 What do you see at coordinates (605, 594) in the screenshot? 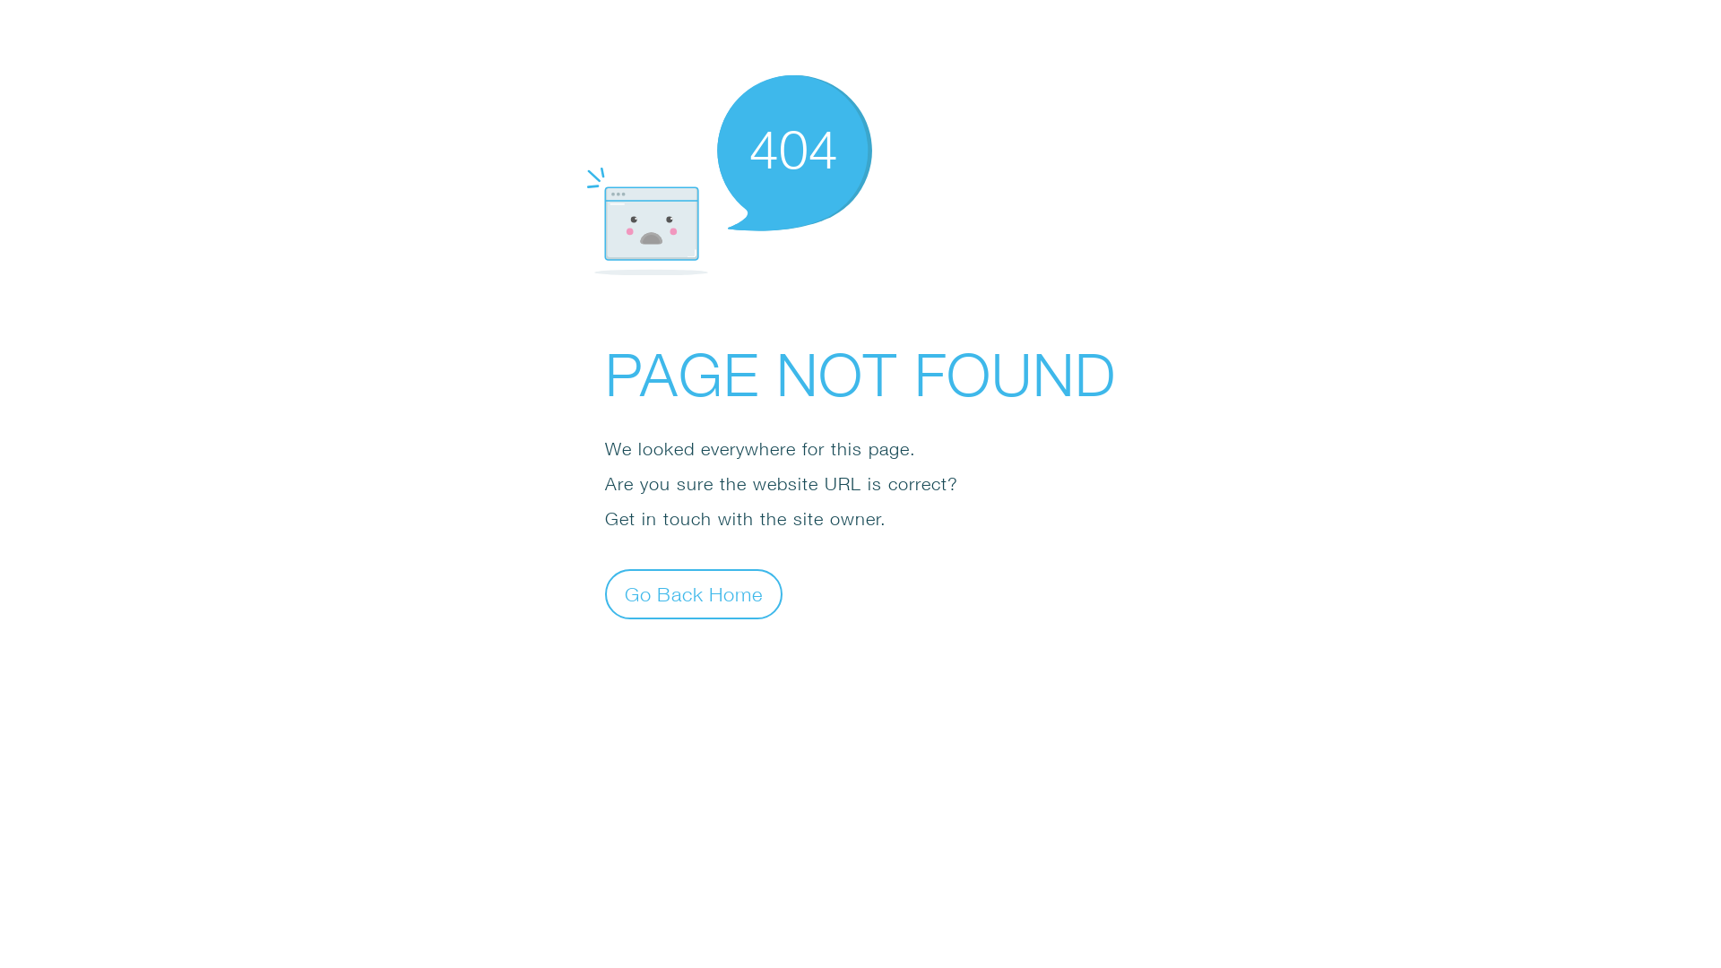
I see `'Go Back Home'` at bounding box center [605, 594].